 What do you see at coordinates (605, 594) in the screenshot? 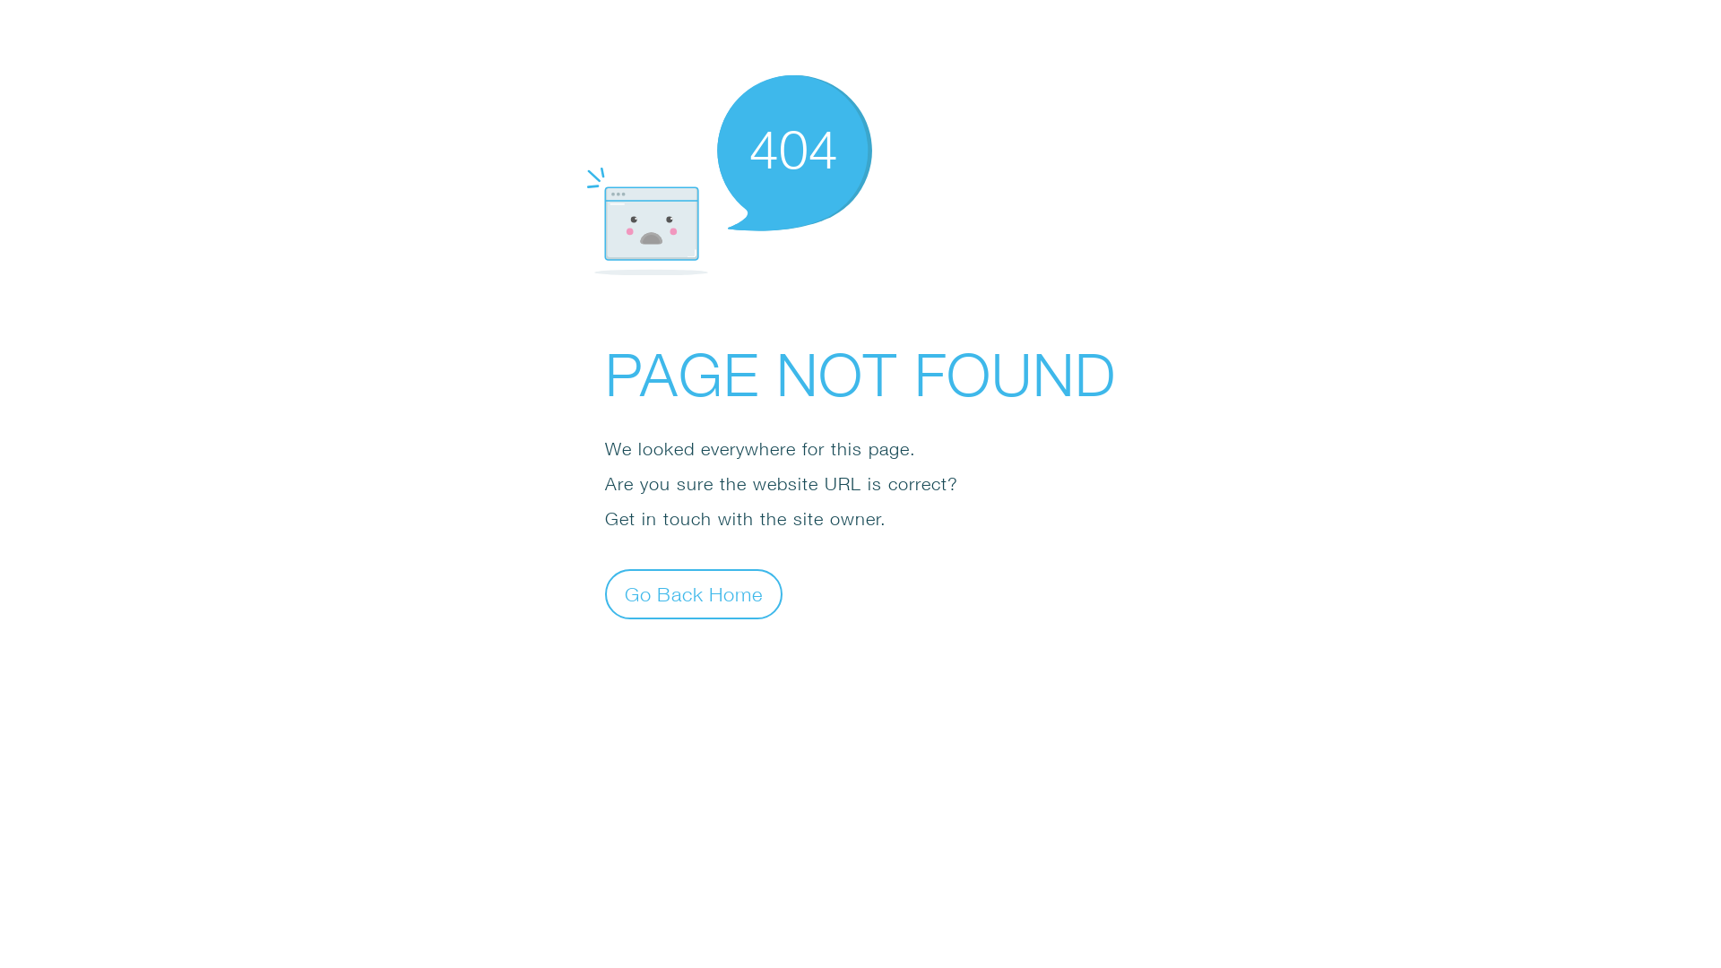
I see `'Go Back Home'` at bounding box center [605, 594].